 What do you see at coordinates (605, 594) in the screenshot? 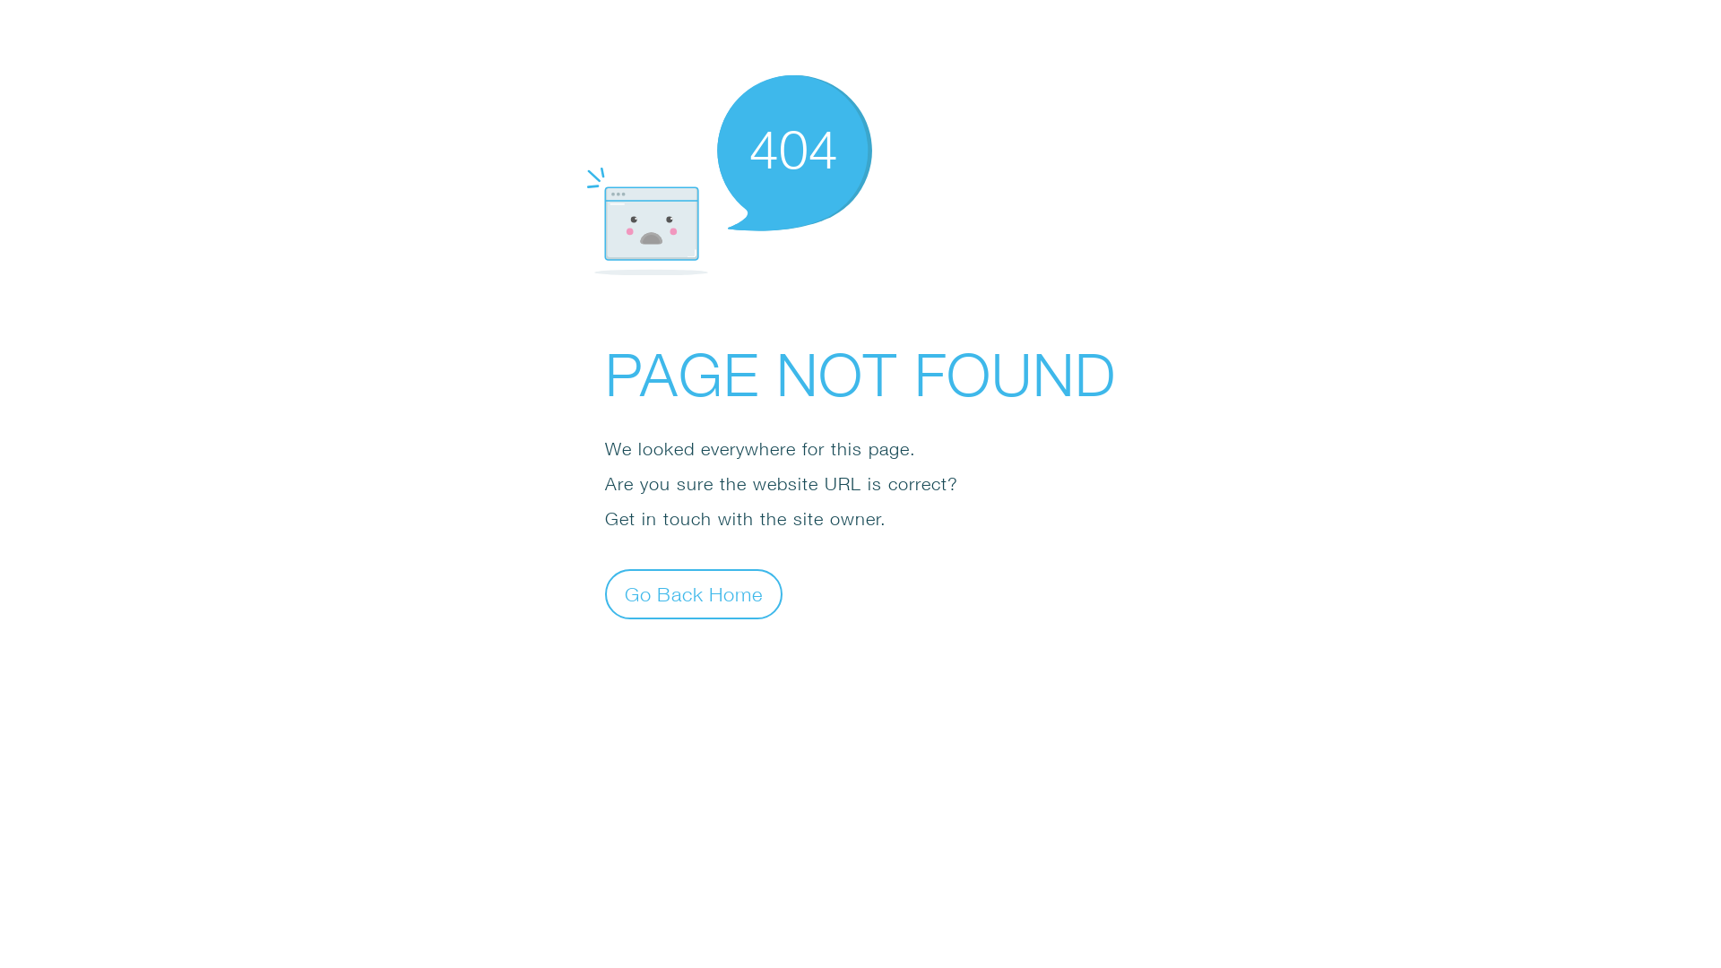
I see `'Go Back Home'` at bounding box center [605, 594].